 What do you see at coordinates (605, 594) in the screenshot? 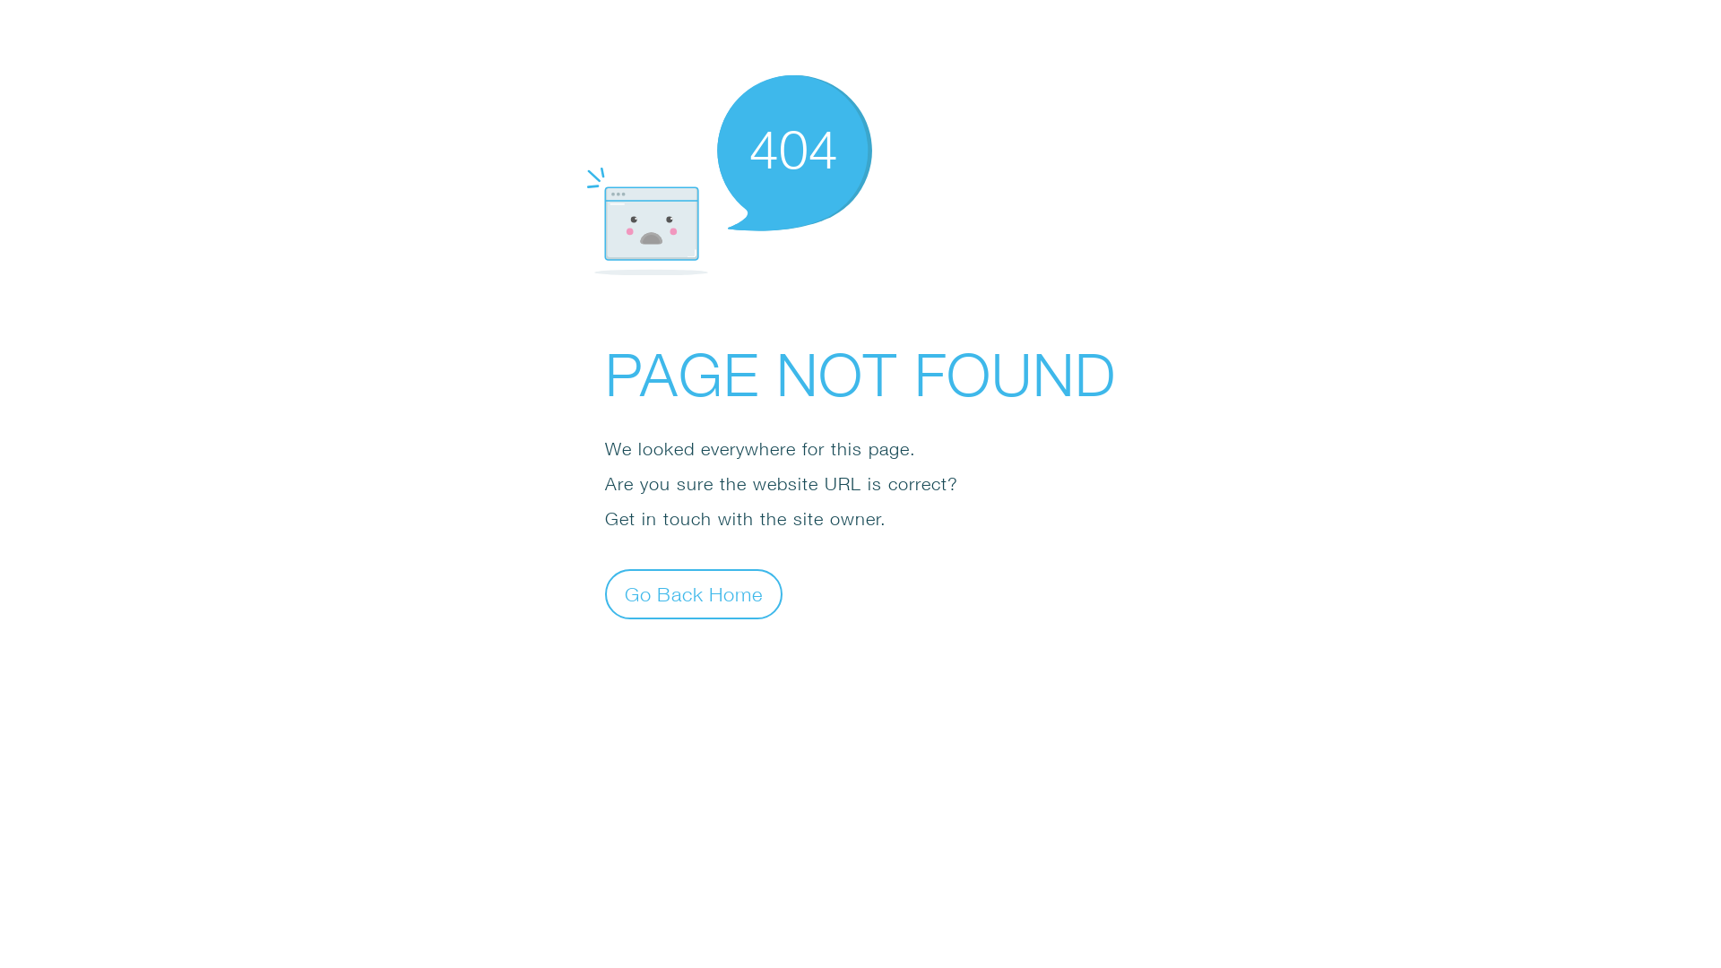
I see `'Go Back Home'` at bounding box center [605, 594].